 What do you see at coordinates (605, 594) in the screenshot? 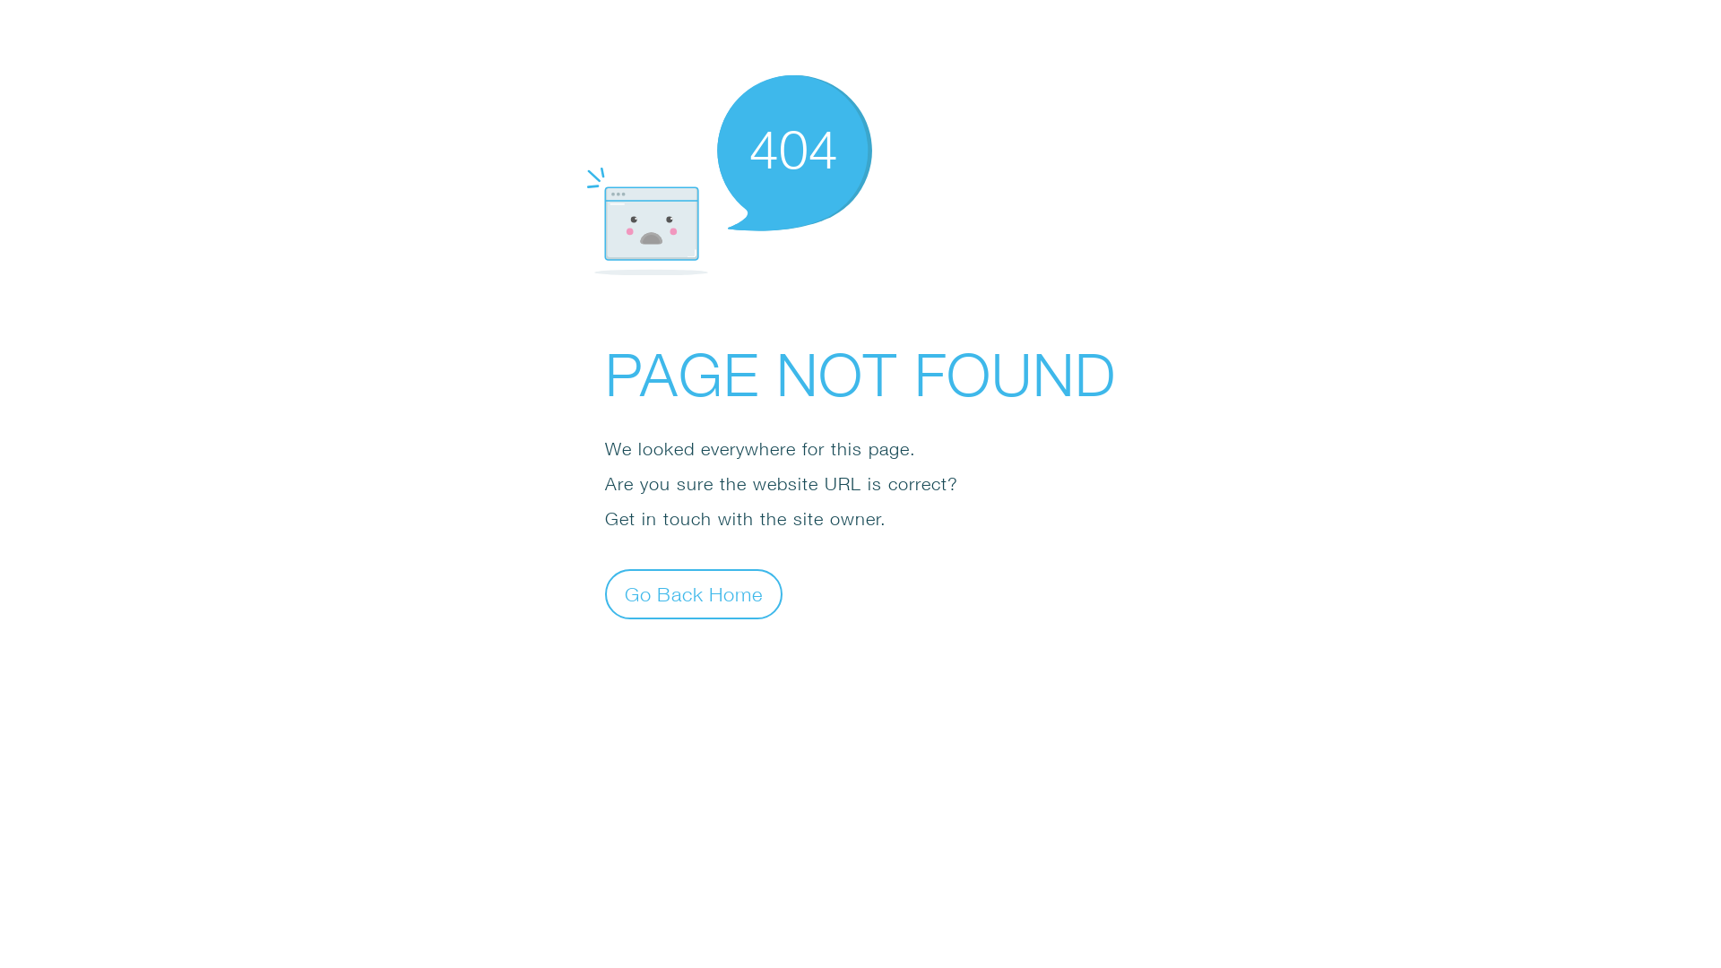
I see `'Go Back Home'` at bounding box center [605, 594].